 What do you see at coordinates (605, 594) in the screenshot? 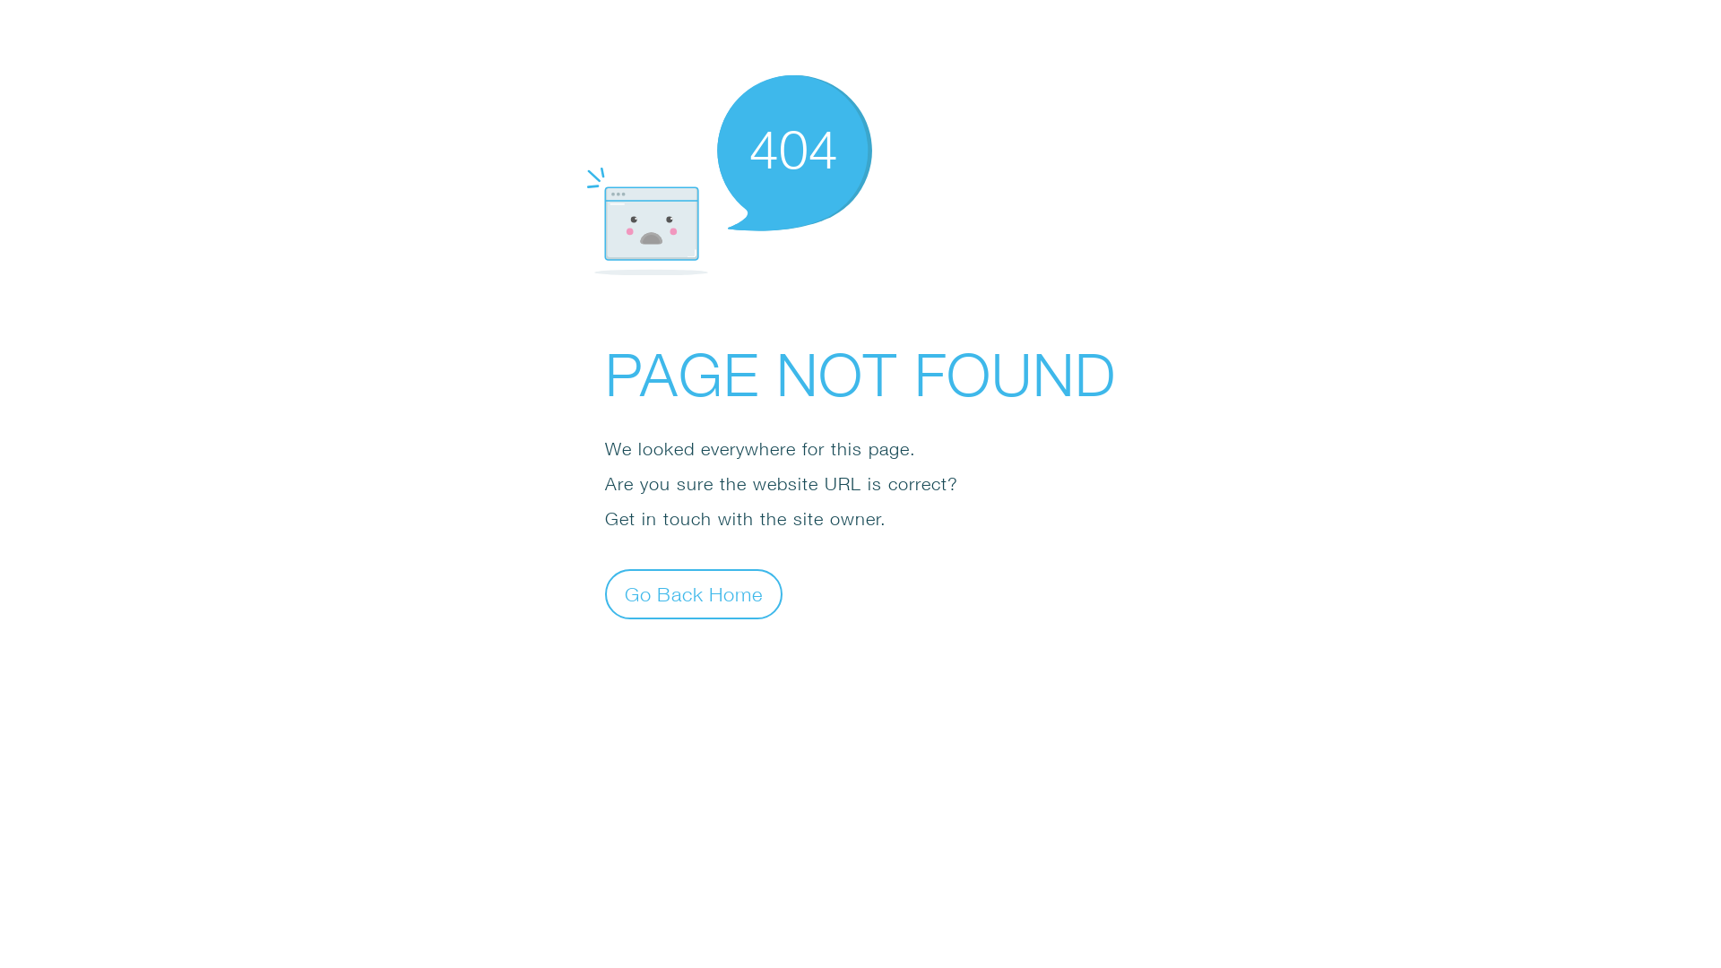
I see `'Go Back Home'` at bounding box center [605, 594].